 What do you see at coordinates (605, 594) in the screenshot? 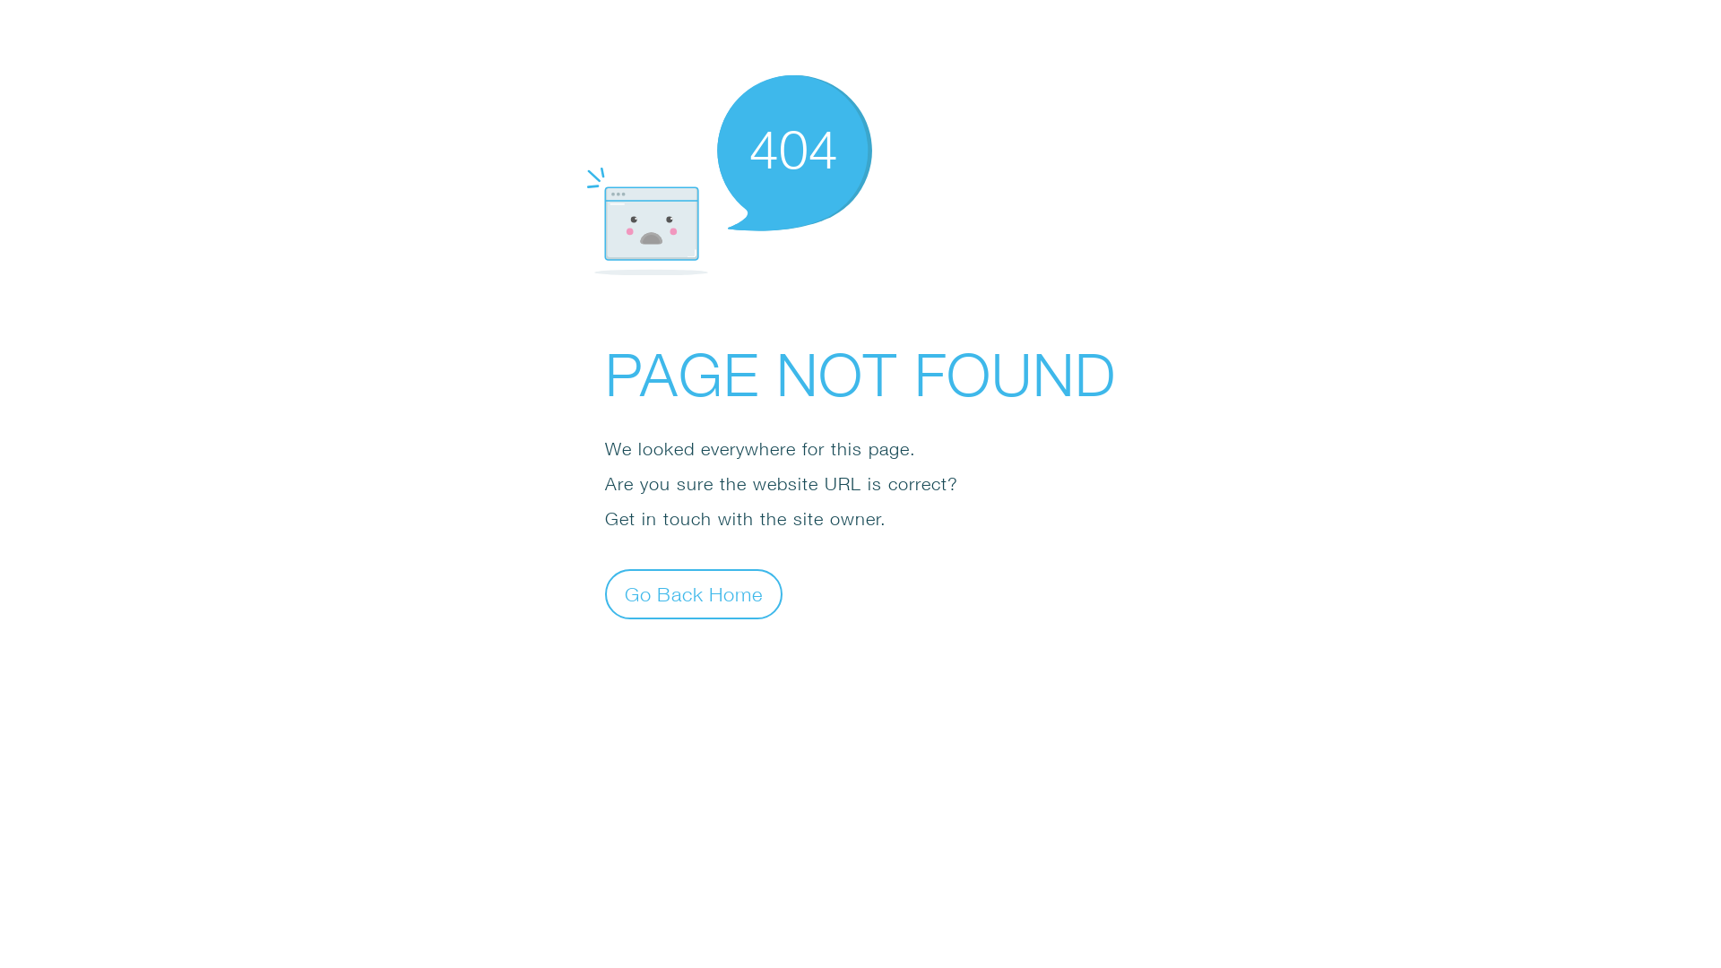
I see `'Go Back Home'` at bounding box center [605, 594].